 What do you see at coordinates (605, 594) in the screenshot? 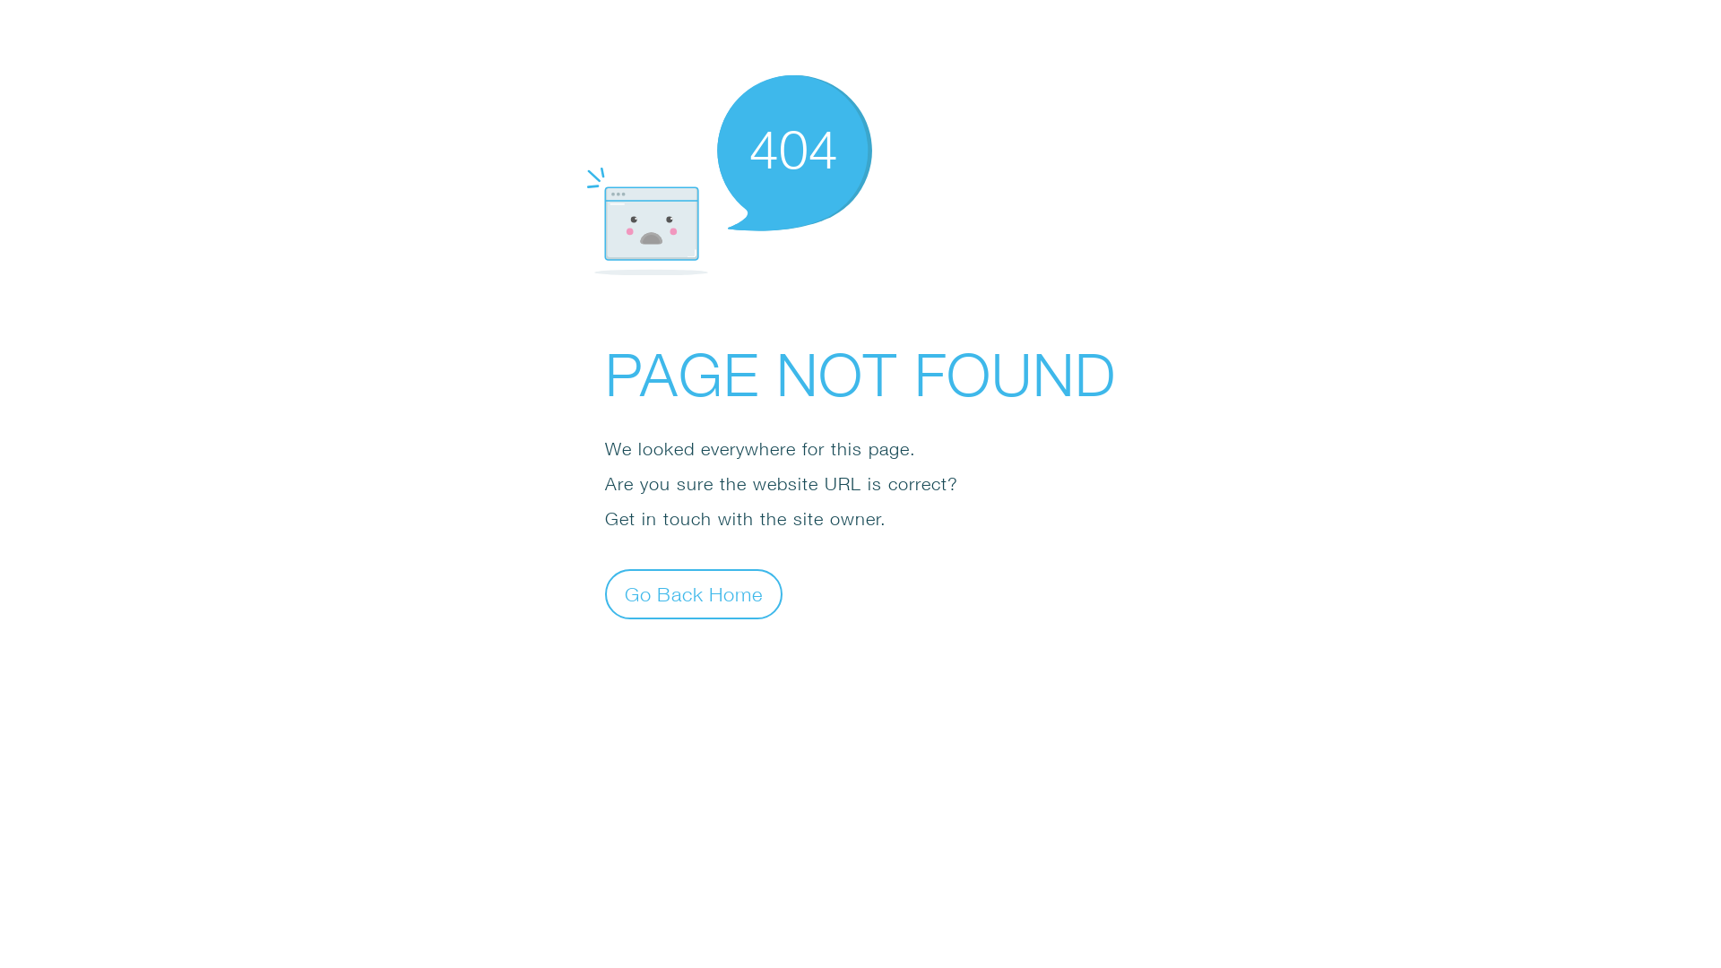
I see `'Go Back Home'` at bounding box center [605, 594].